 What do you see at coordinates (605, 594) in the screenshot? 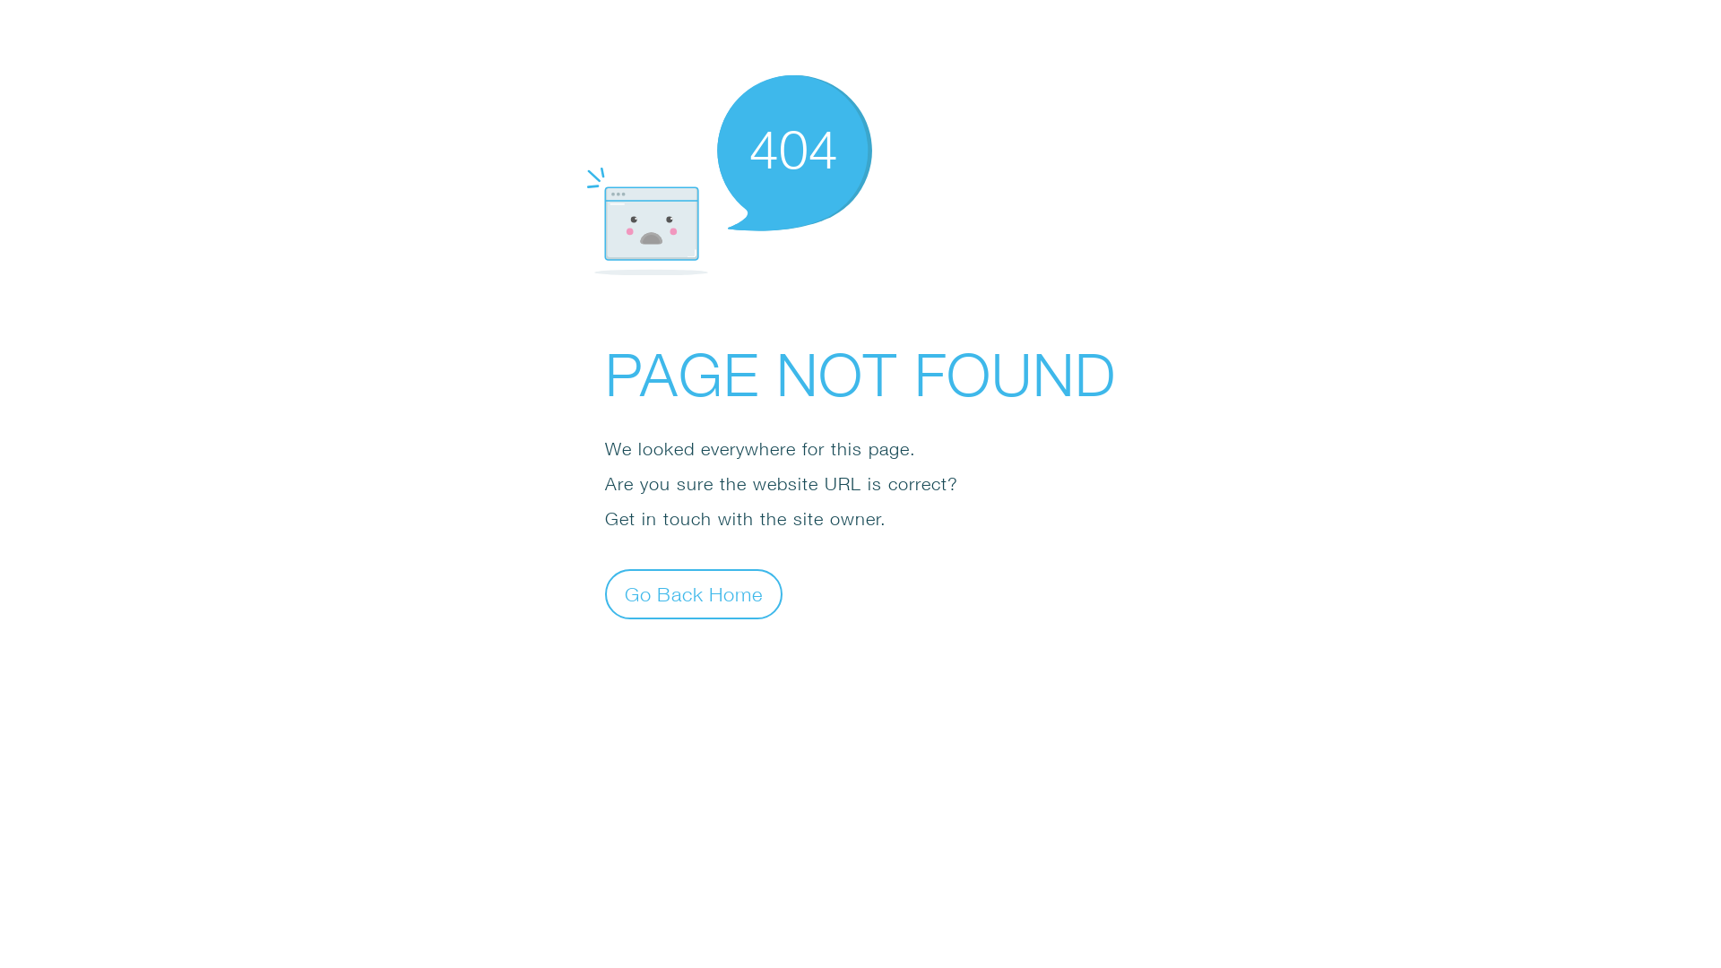
I see `'Go Back Home'` at bounding box center [605, 594].